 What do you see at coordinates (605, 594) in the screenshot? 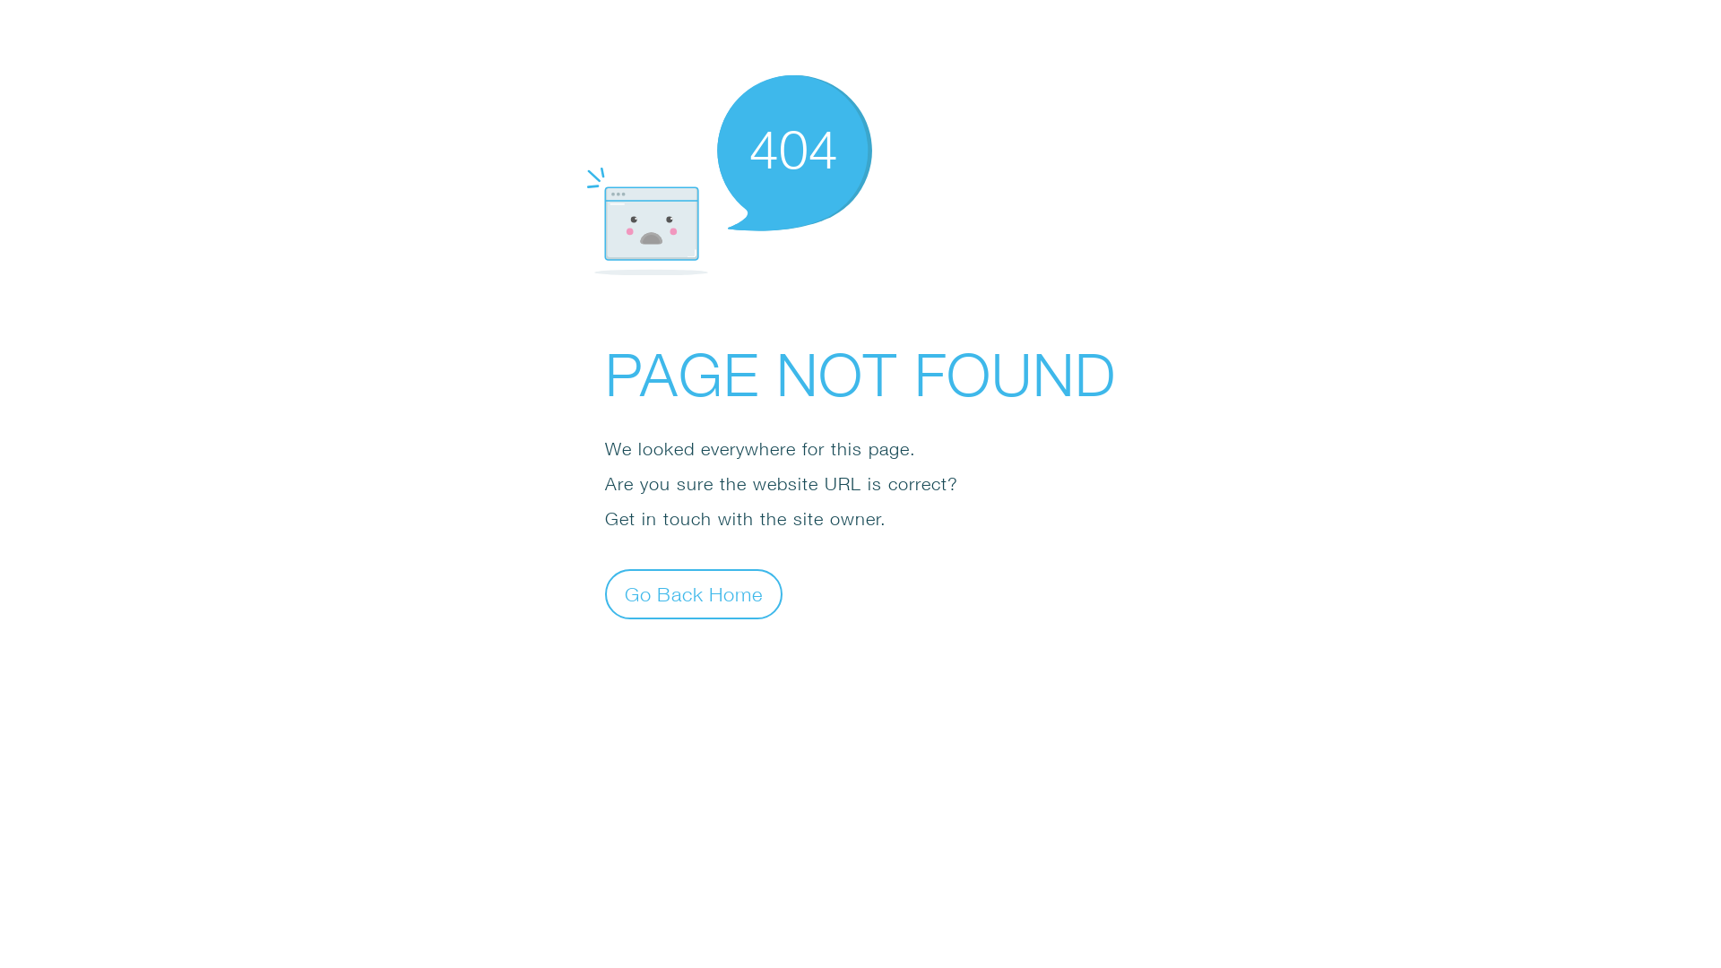
I see `'Go Back Home'` at bounding box center [605, 594].